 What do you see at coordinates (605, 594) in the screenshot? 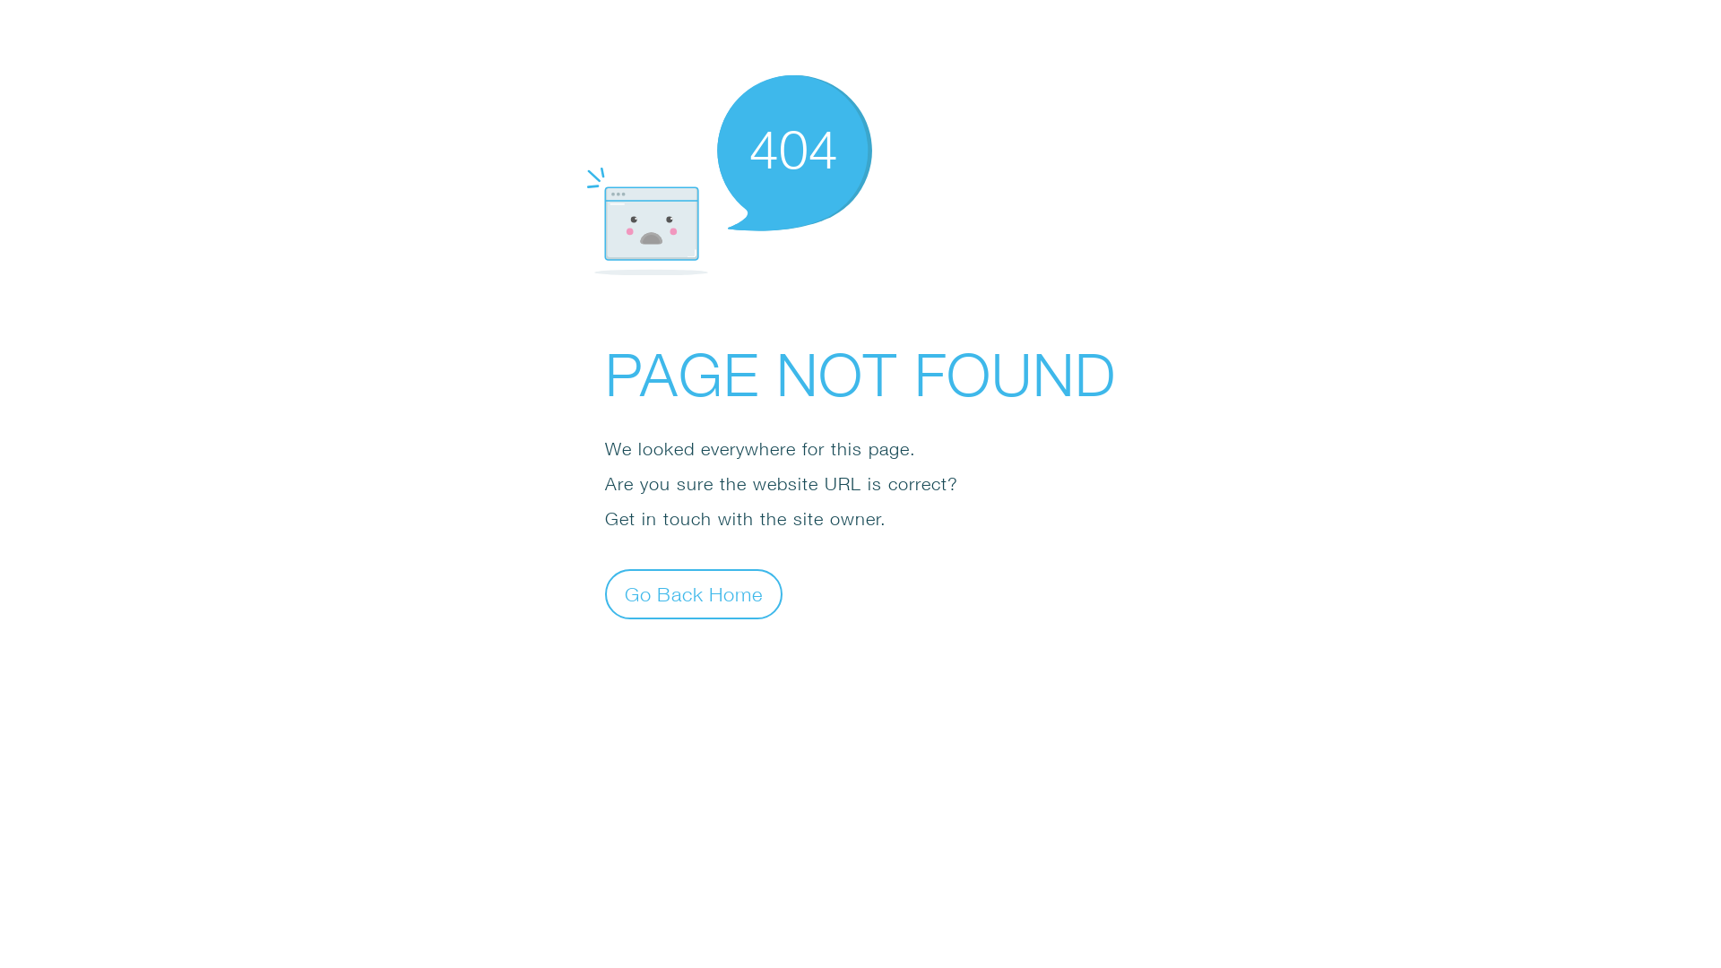
I see `'Go Back Home'` at bounding box center [605, 594].